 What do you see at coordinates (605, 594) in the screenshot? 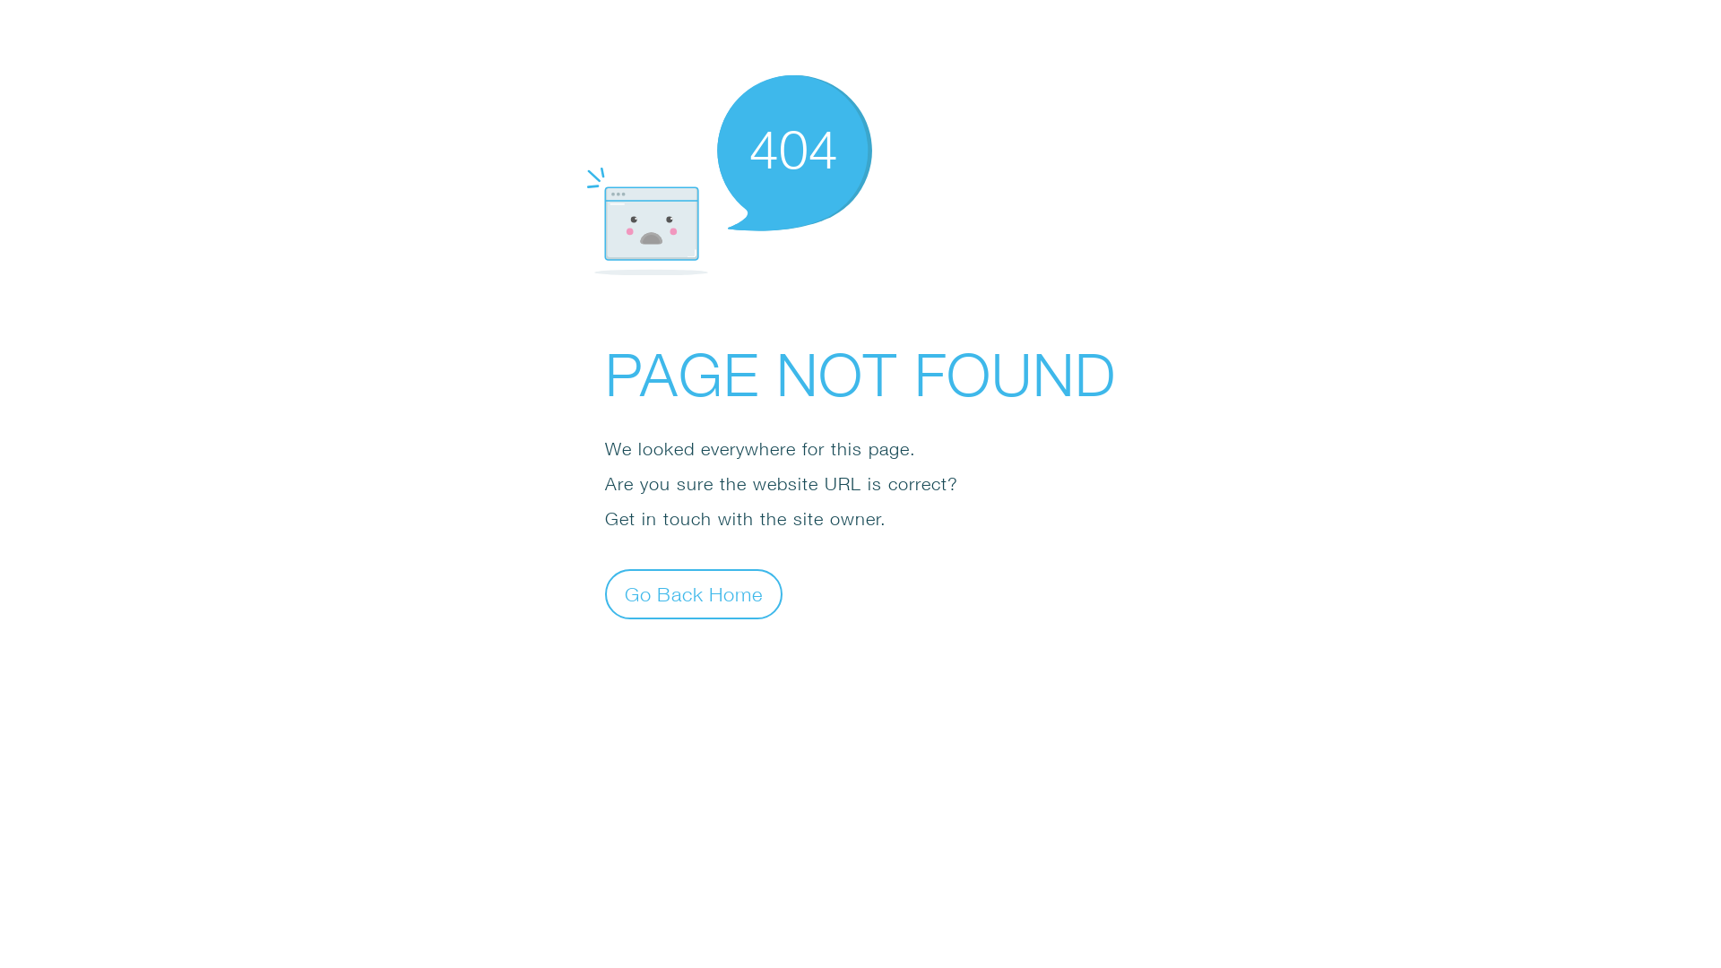
I see `'Go Back Home'` at bounding box center [605, 594].